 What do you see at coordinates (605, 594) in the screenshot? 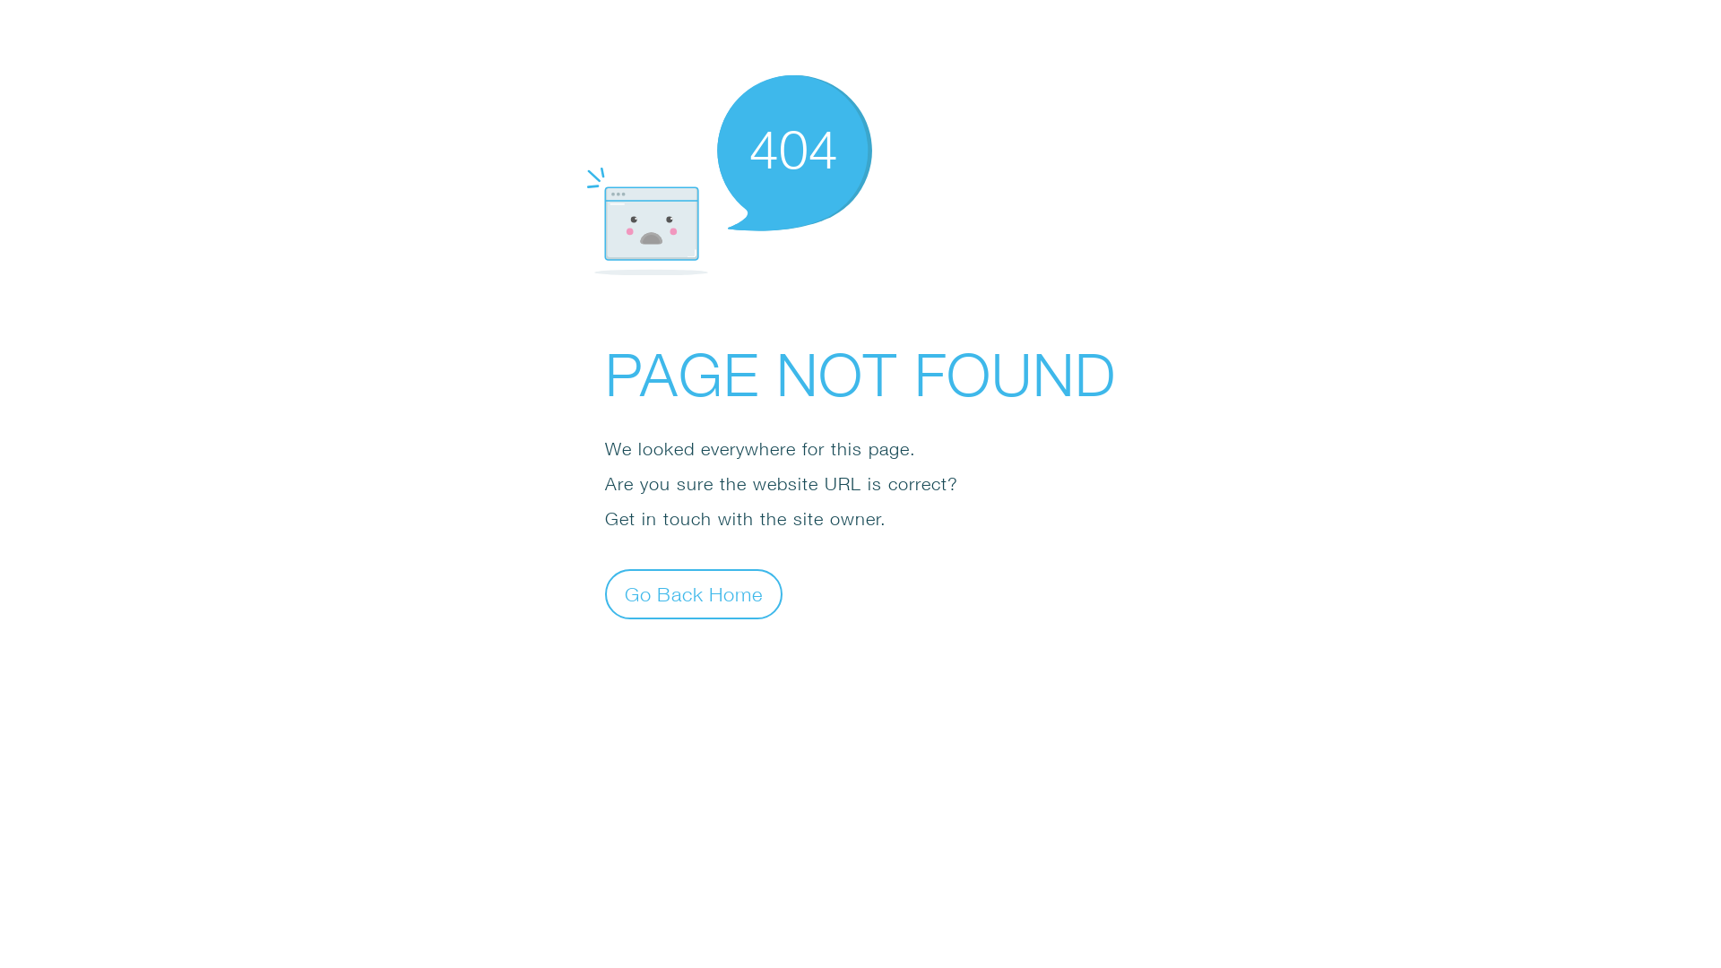
I see `'Go Back Home'` at bounding box center [605, 594].